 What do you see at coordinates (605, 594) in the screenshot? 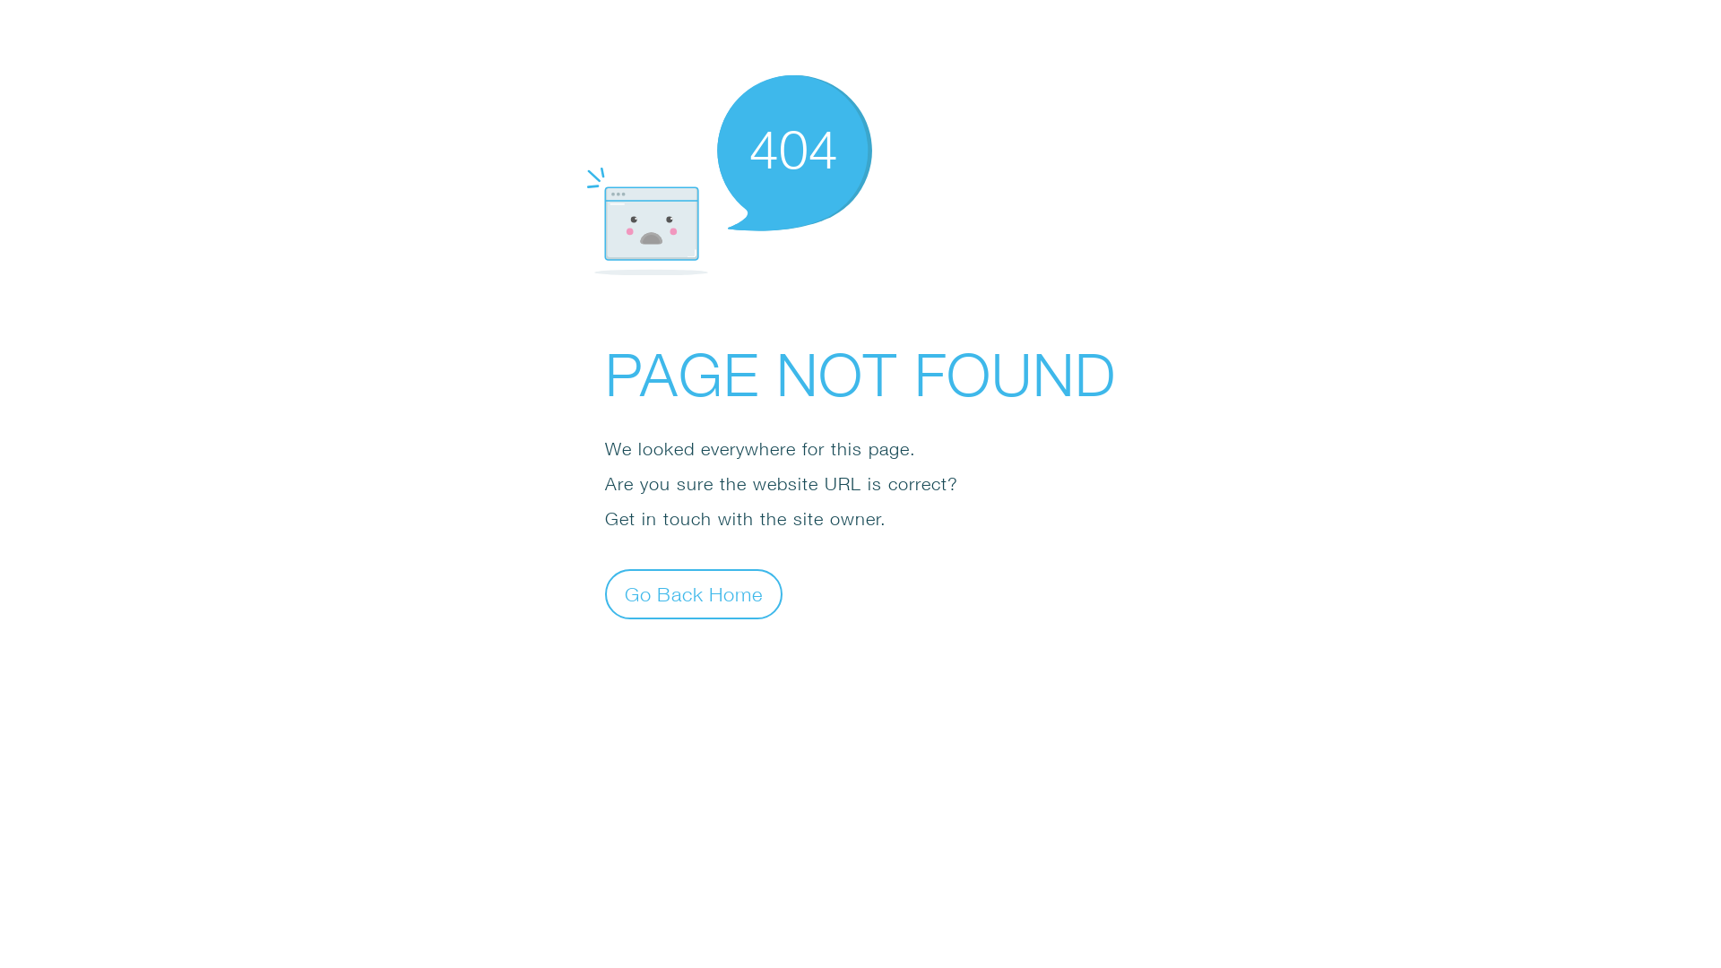
I see `'Go Back Home'` at bounding box center [605, 594].